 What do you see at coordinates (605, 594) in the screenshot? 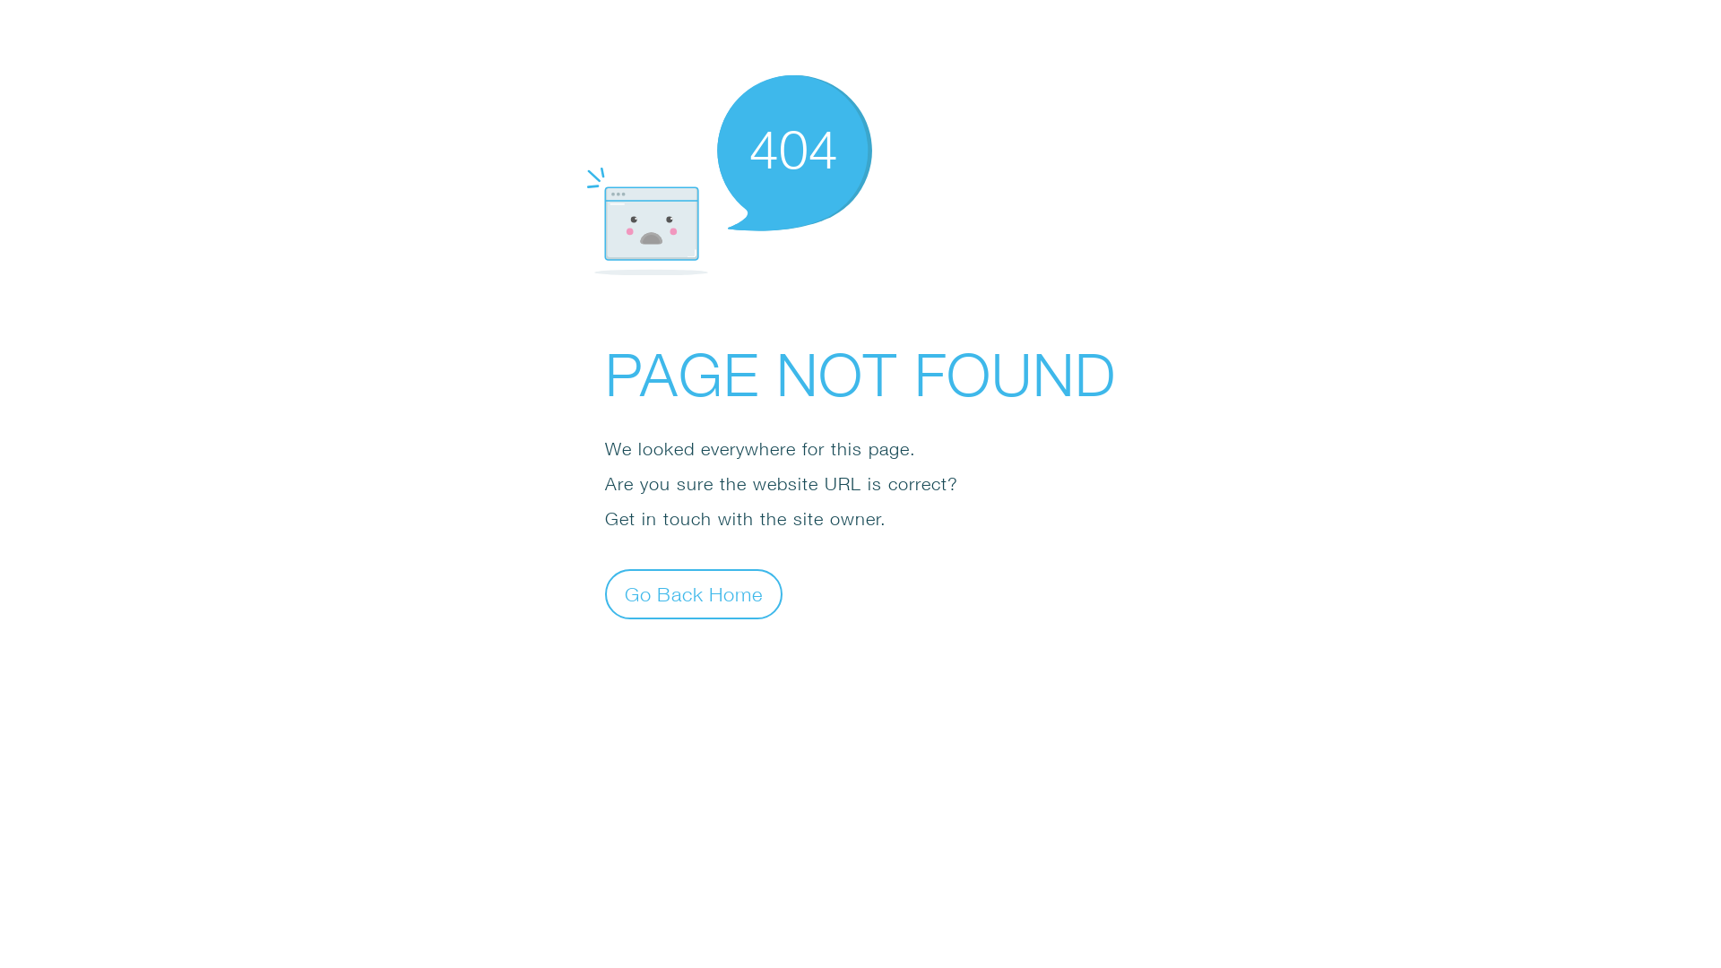
I see `'Go Back Home'` at bounding box center [605, 594].